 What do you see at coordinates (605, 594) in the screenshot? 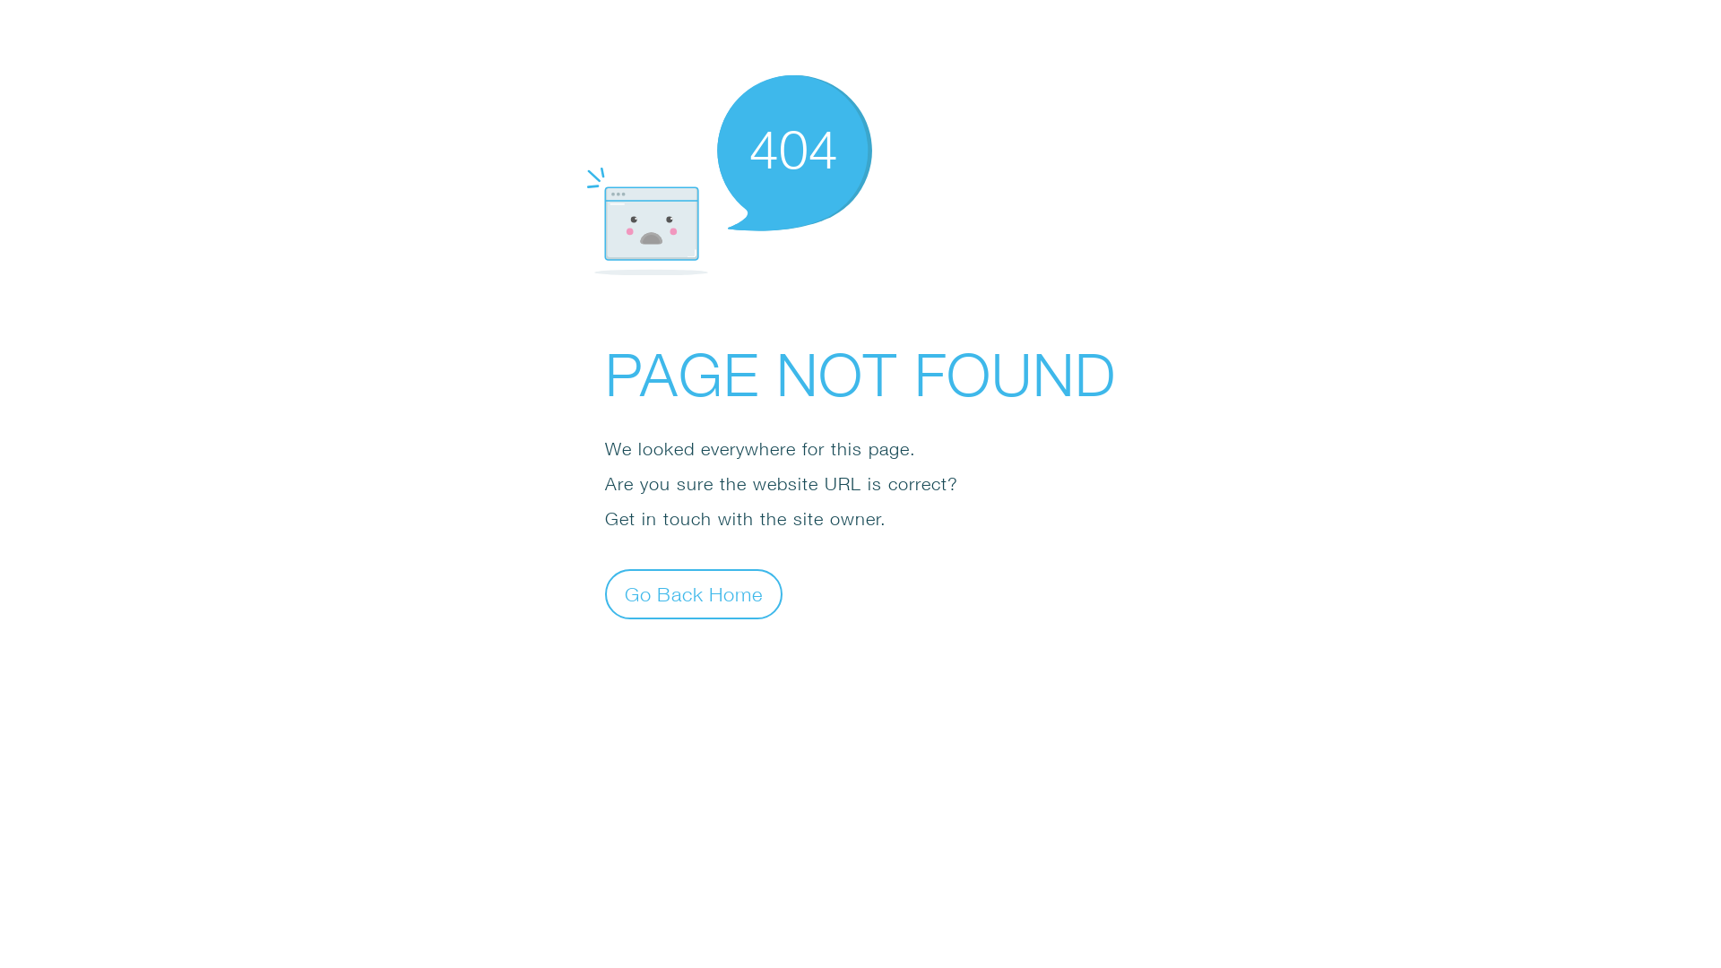
I see `'Go Back Home'` at bounding box center [605, 594].